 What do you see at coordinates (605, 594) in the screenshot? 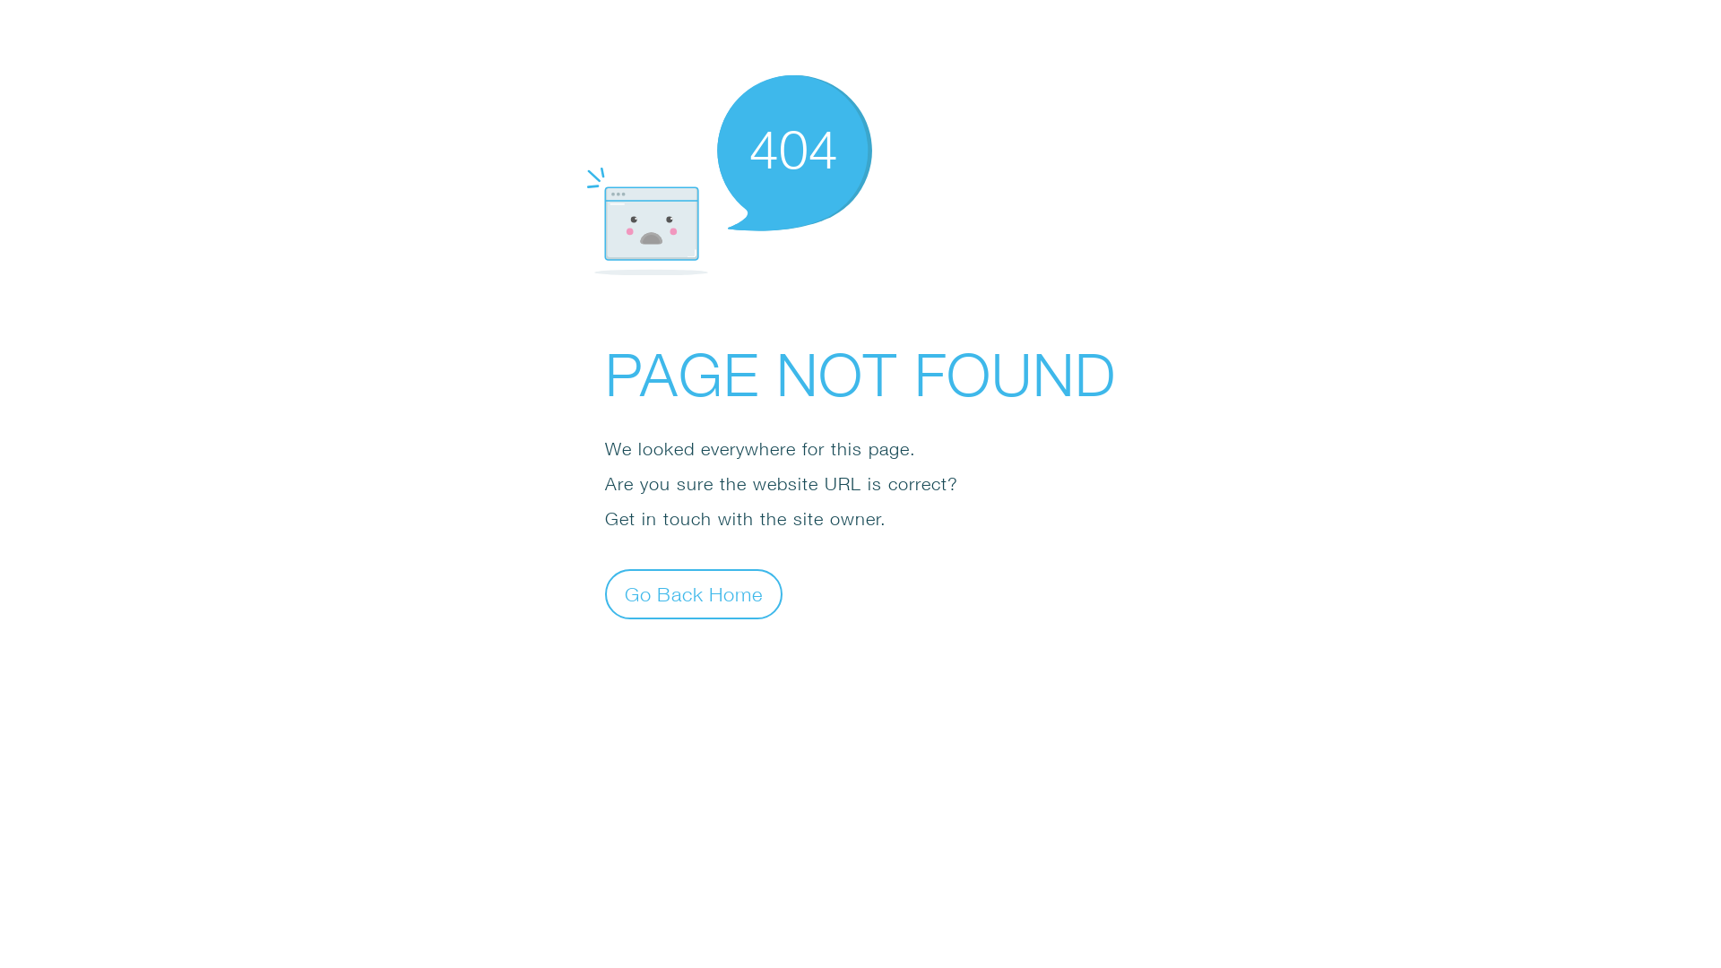
I see `'Go Back Home'` at bounding box center [605, 594].